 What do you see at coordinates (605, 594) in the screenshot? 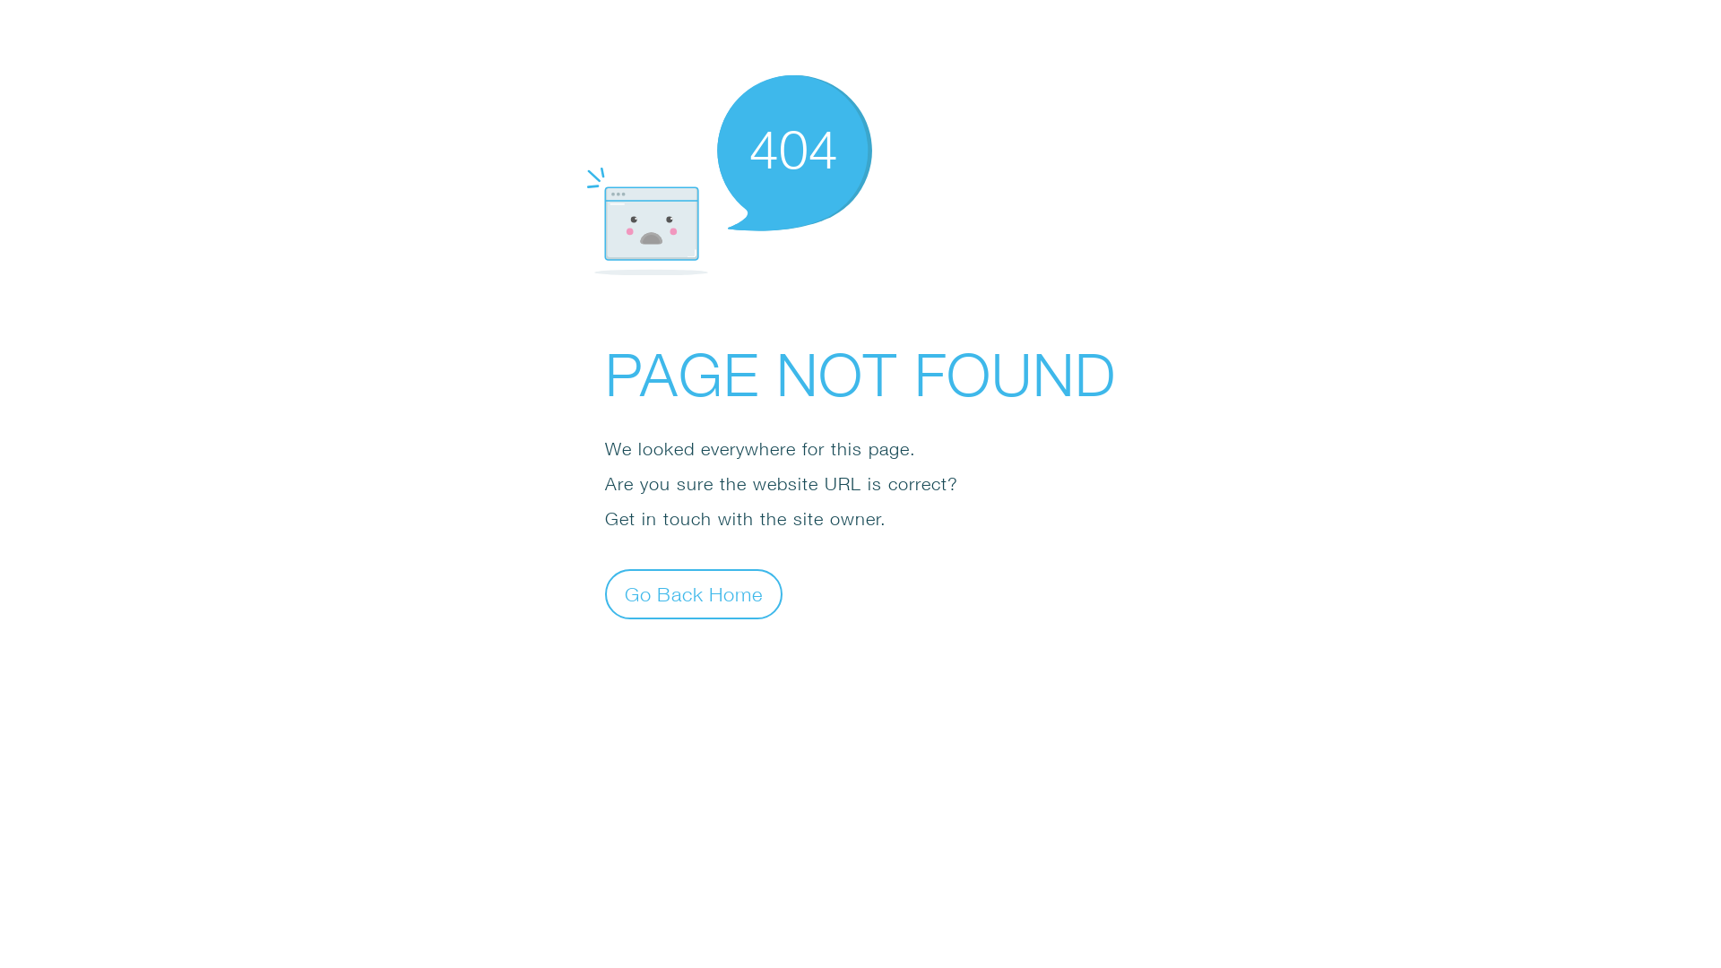
I see `'Go Back Home'` at bounding box center [605, 594].